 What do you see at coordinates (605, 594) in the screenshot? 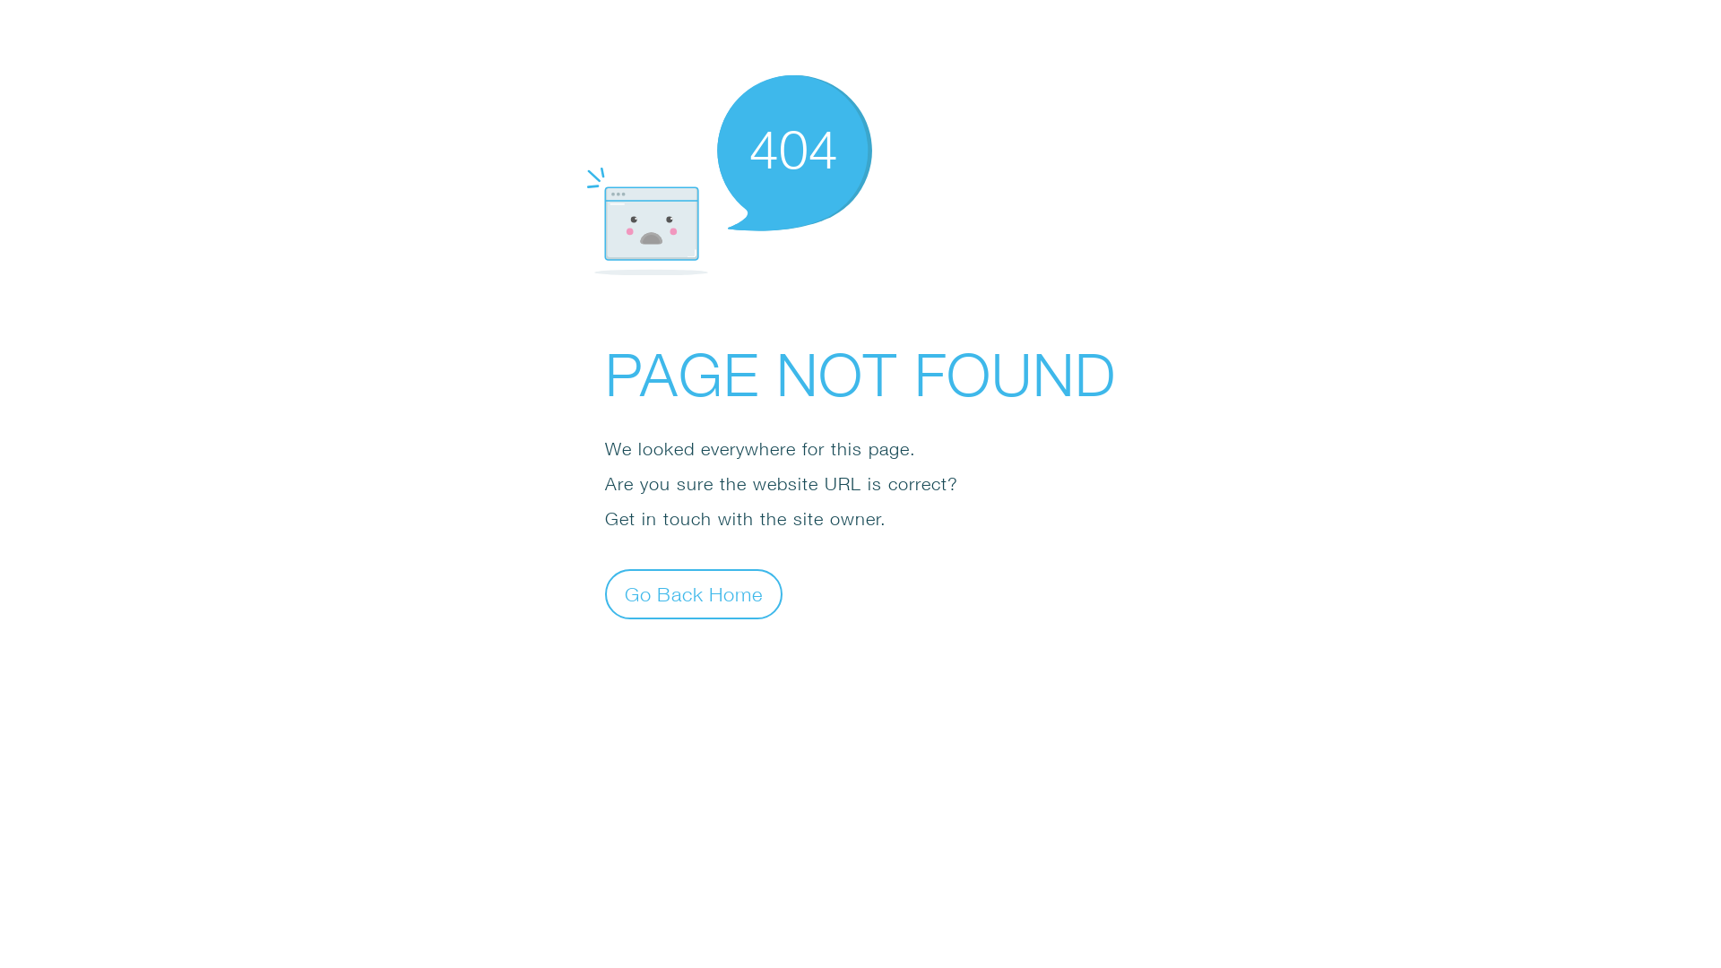
I see `'Go Back Home'` at bounding box center [605, 594].